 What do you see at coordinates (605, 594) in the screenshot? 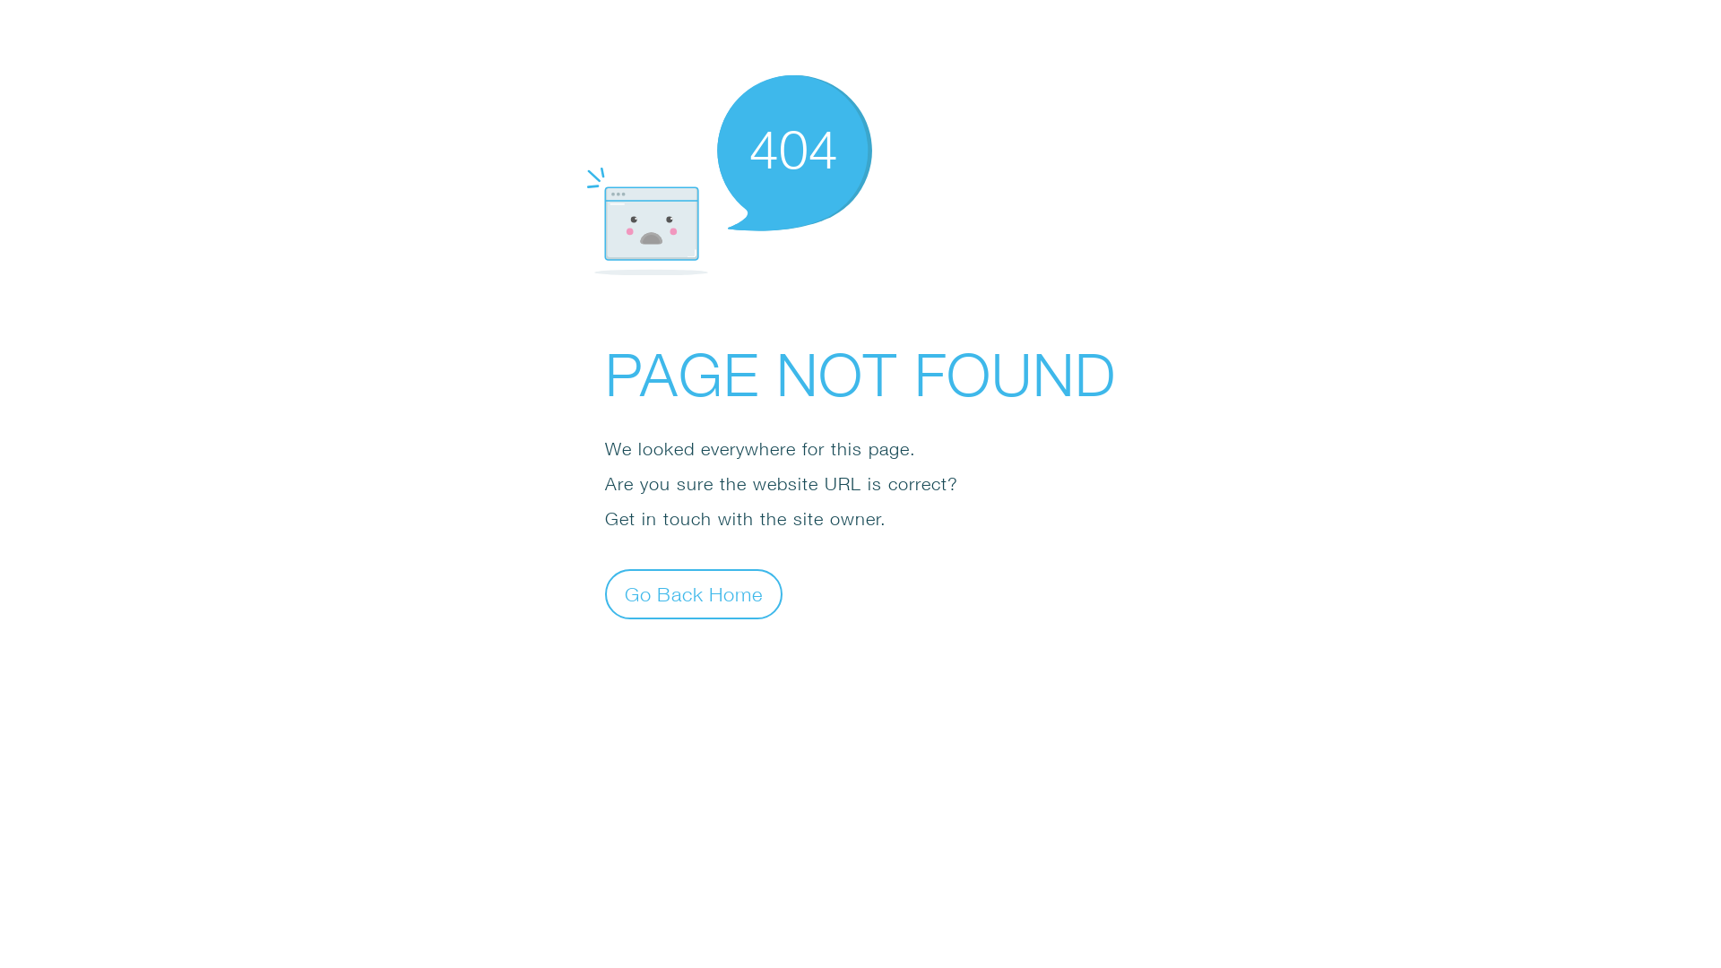
I see `'Go Back Home'` at bounding box center [605, 594].